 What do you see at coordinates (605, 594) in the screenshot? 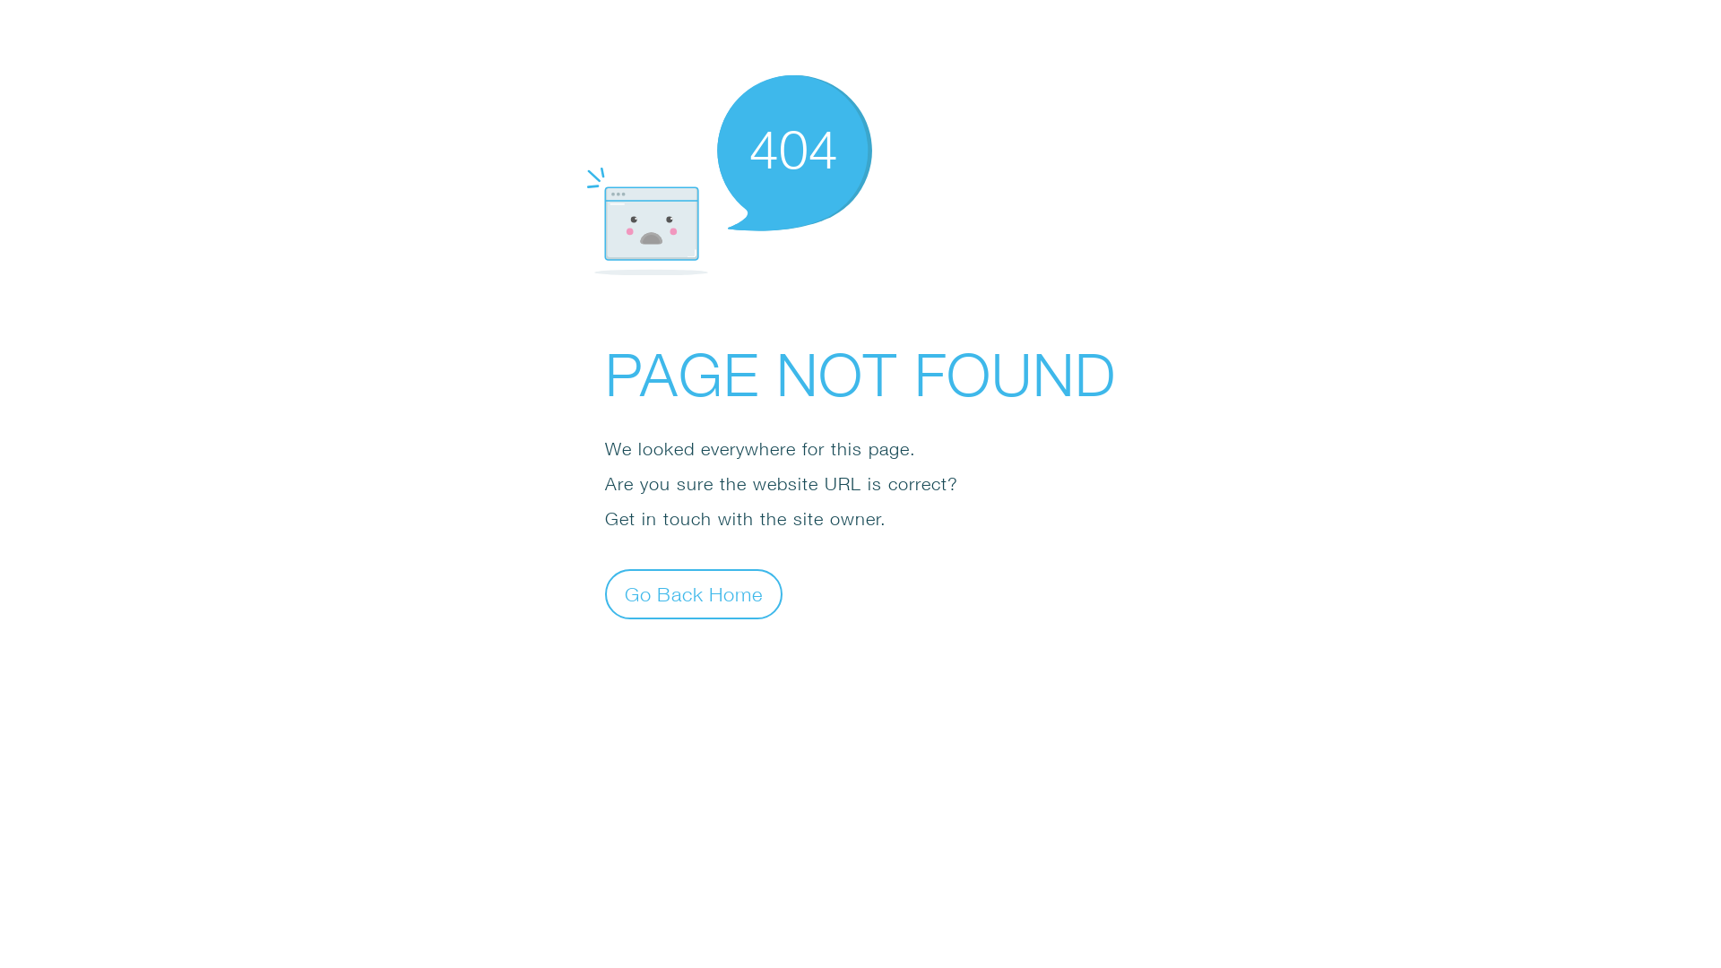
I see `'Go Back Home'` at bounding box center [605, 594].